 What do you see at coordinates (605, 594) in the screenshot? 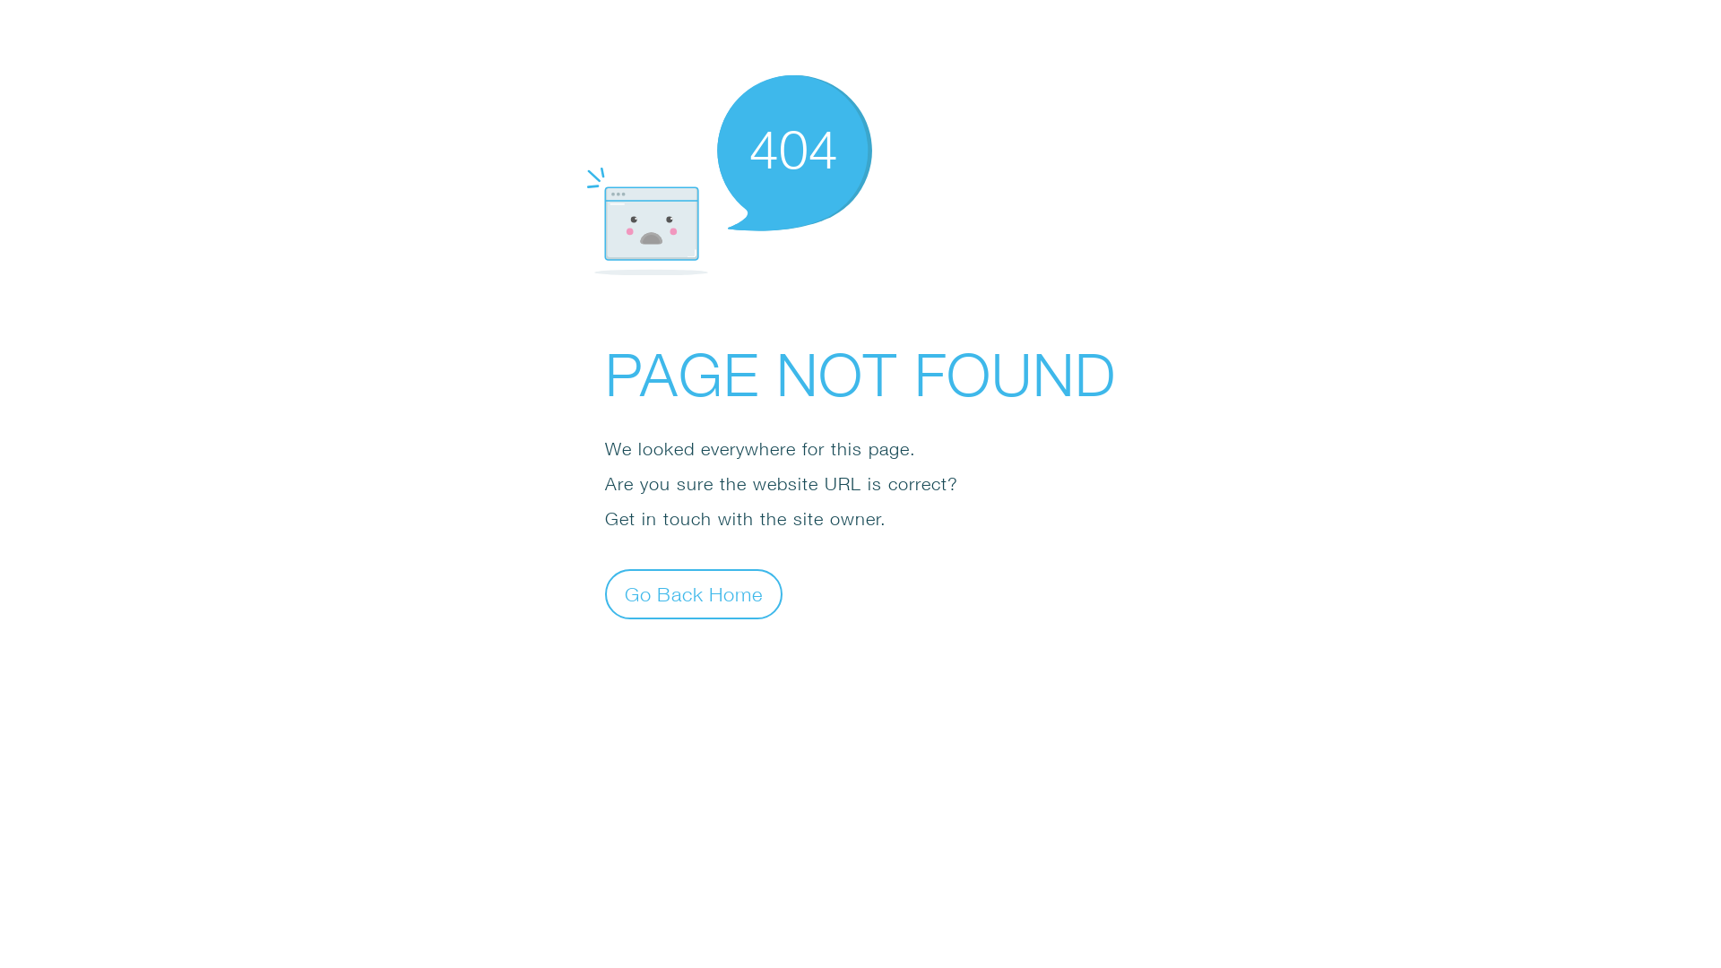
I see `'Go Back Home'` at bounding box center [605, 594].